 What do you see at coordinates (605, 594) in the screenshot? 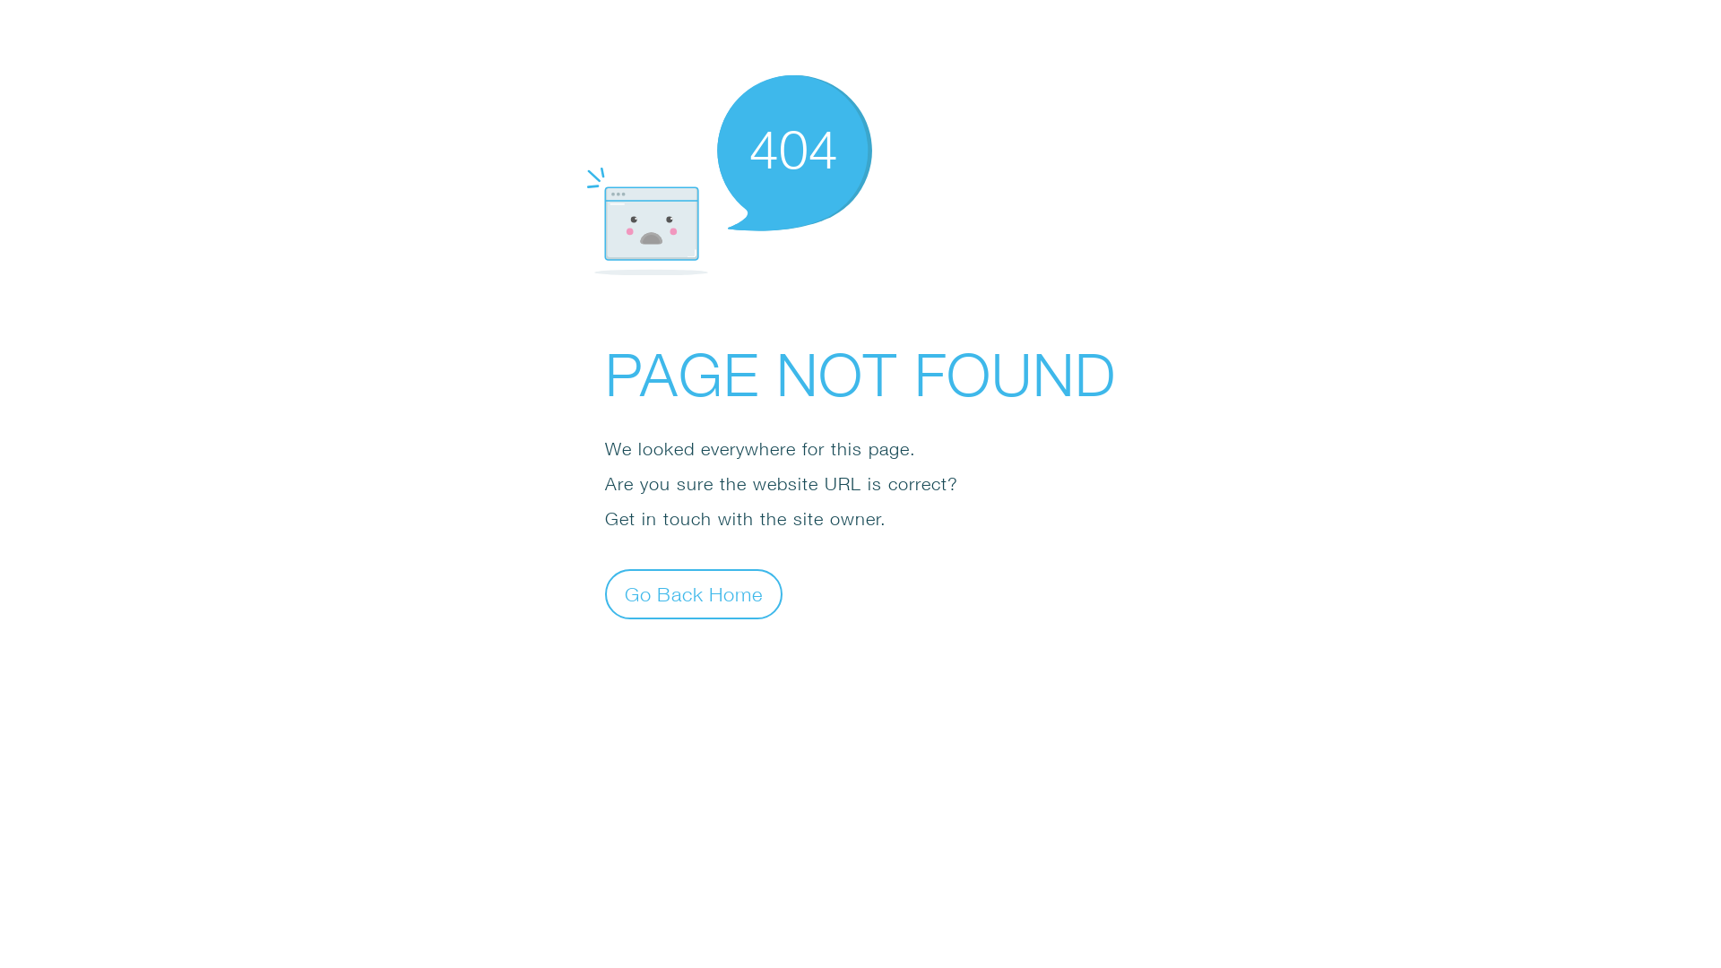
I see `'Go Back Home'` at bounding box center [605, 594].